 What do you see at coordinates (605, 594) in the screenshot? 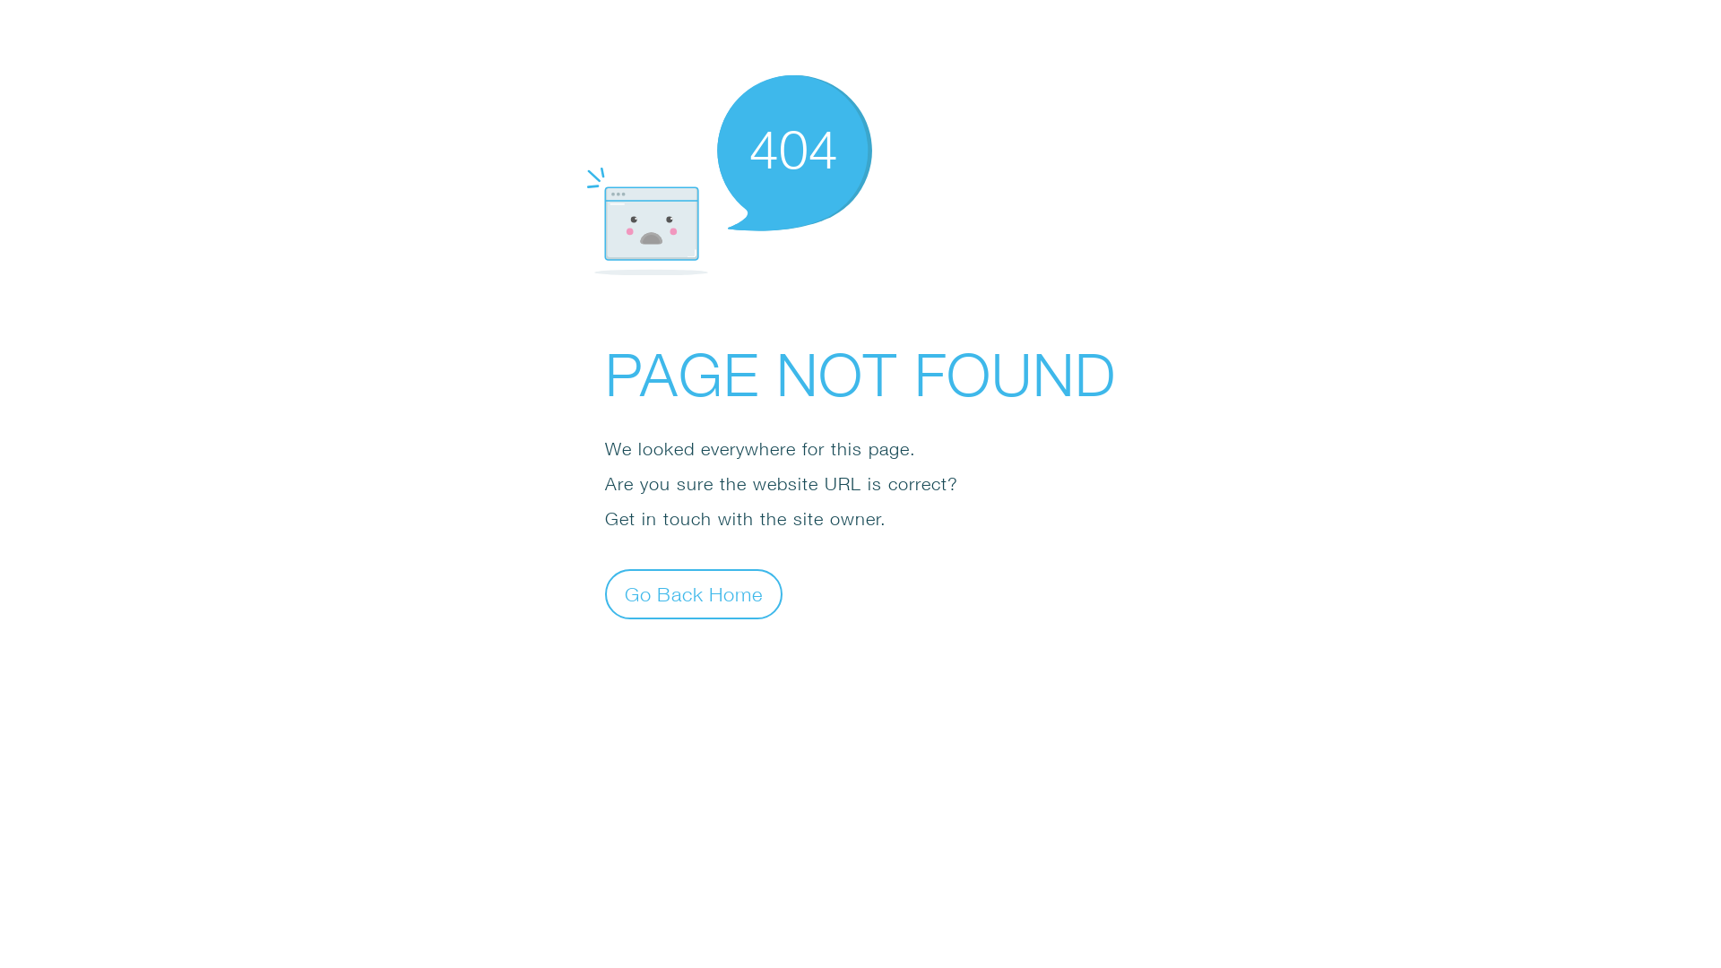
I see `'Go Back Home'` at bounding box center [605, 594].